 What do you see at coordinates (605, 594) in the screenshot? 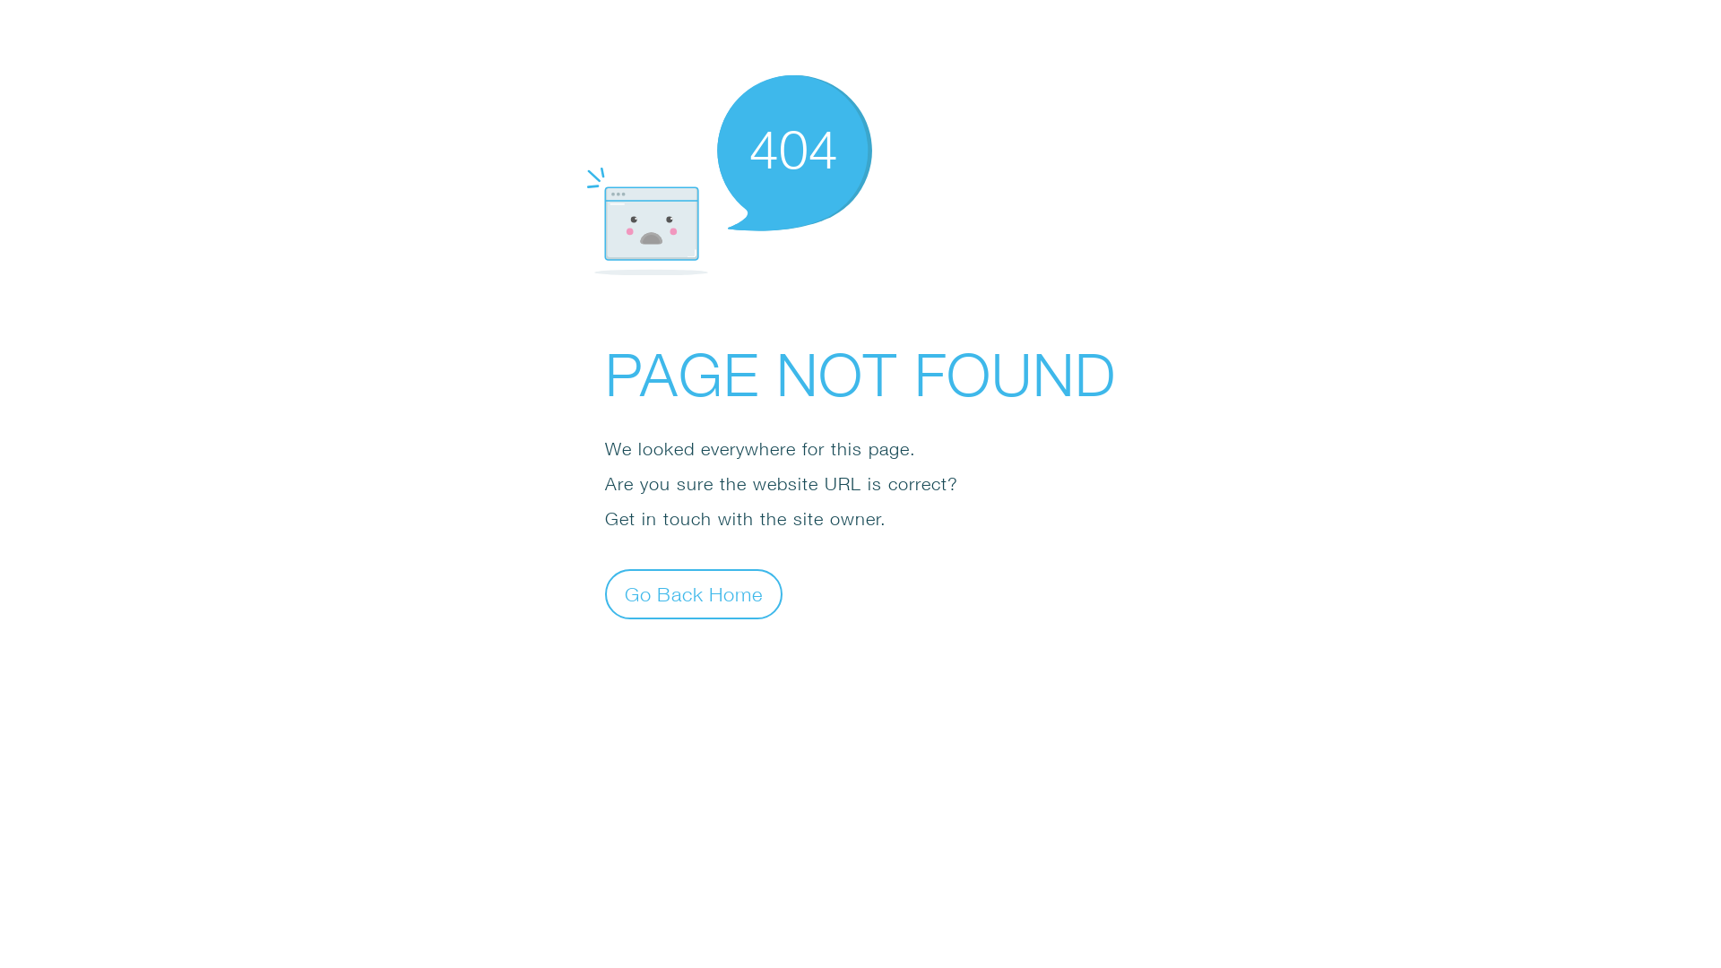
I see `'Go Back Home'` at bounding box center [605, 594].